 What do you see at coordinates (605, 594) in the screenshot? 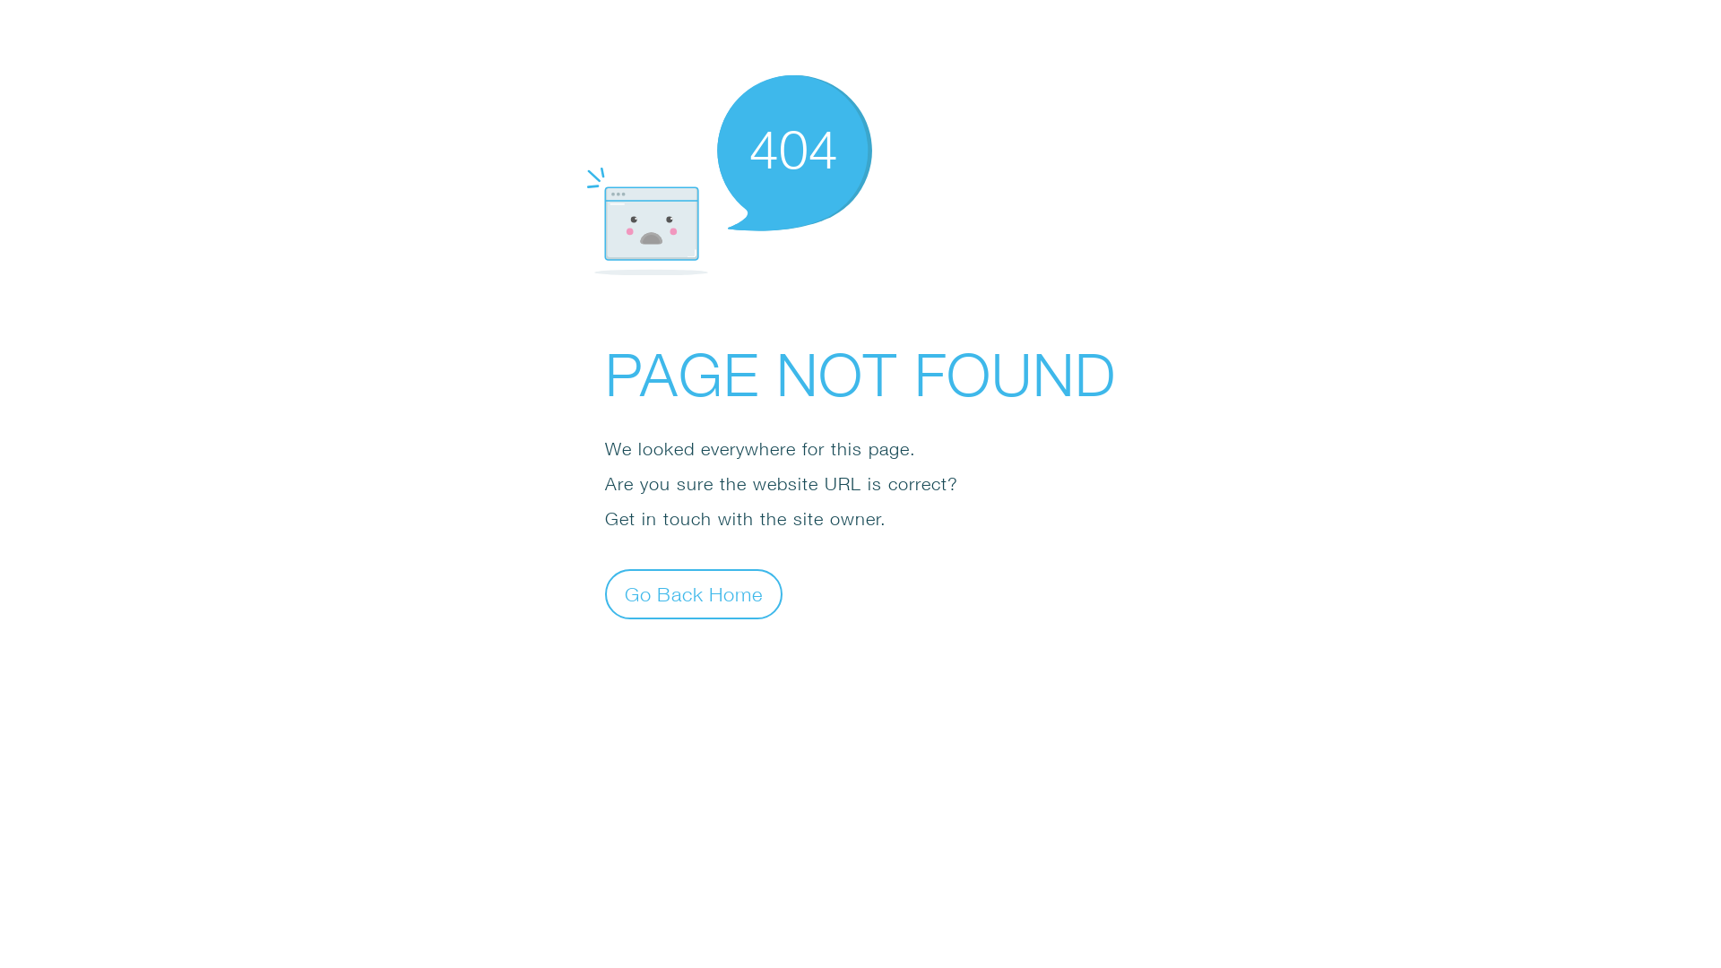
I see `'Go Back Home'` at bounding box center [605, 594].